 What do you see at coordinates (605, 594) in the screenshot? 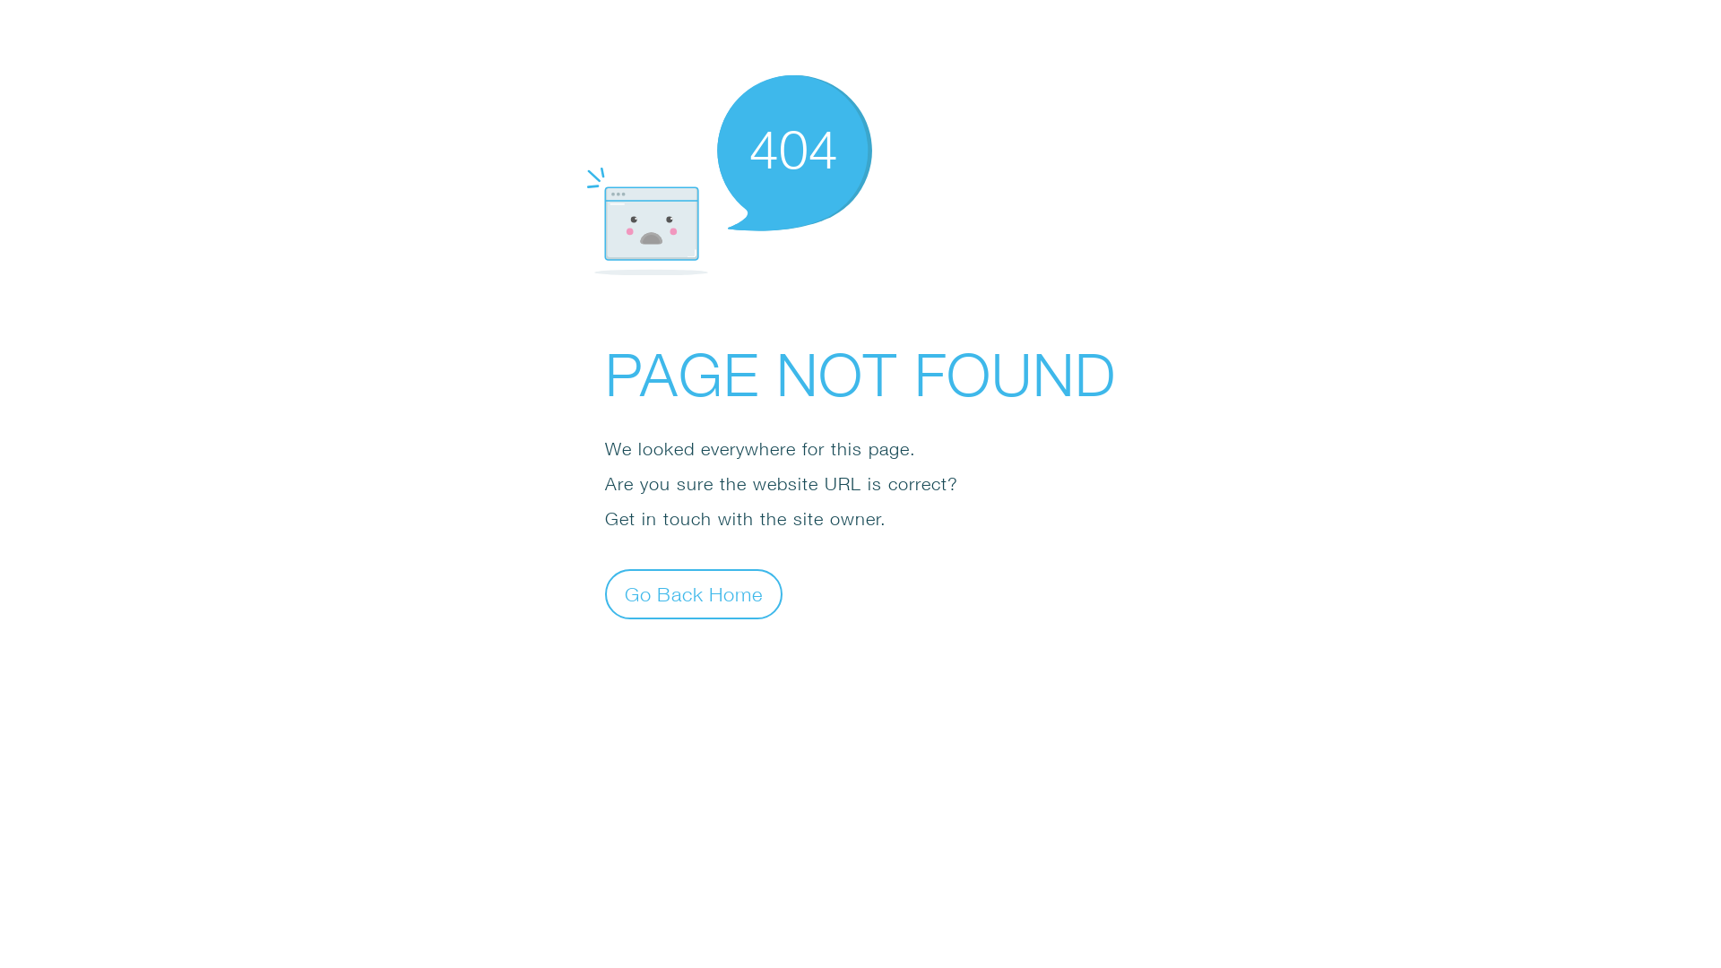
I see `'Go Back Home'` at bounding box center [605, 594].